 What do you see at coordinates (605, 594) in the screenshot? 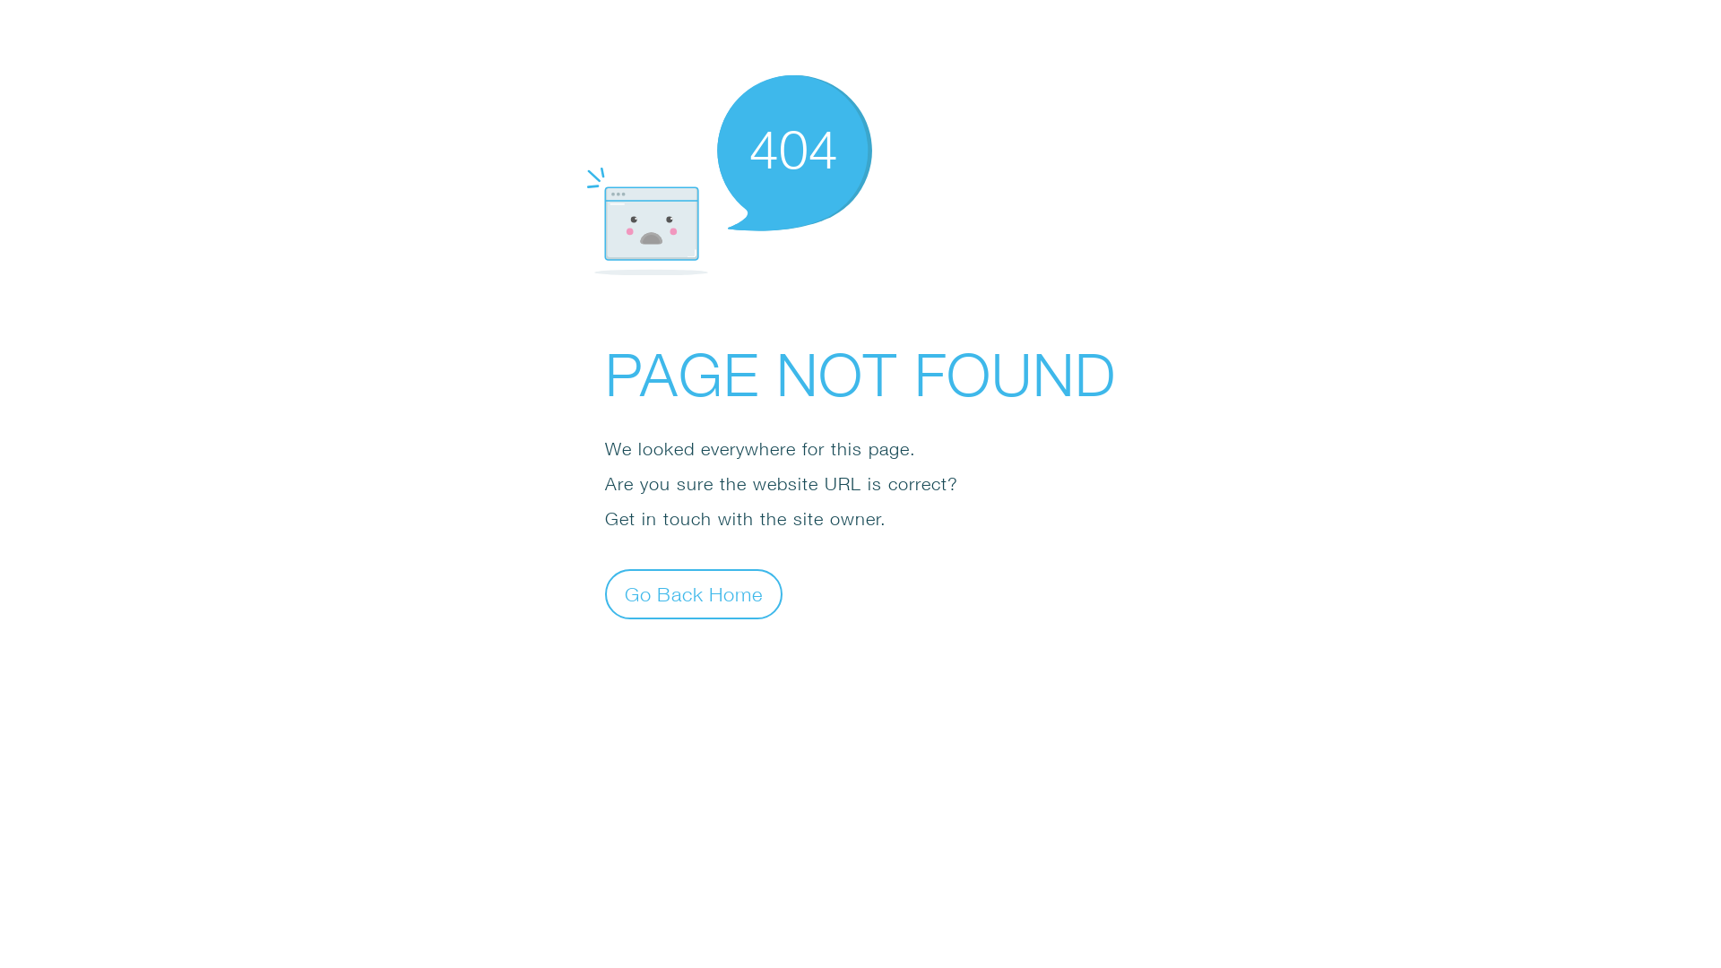
I see `'Go Back Home'` at bounding box center [605, 594].